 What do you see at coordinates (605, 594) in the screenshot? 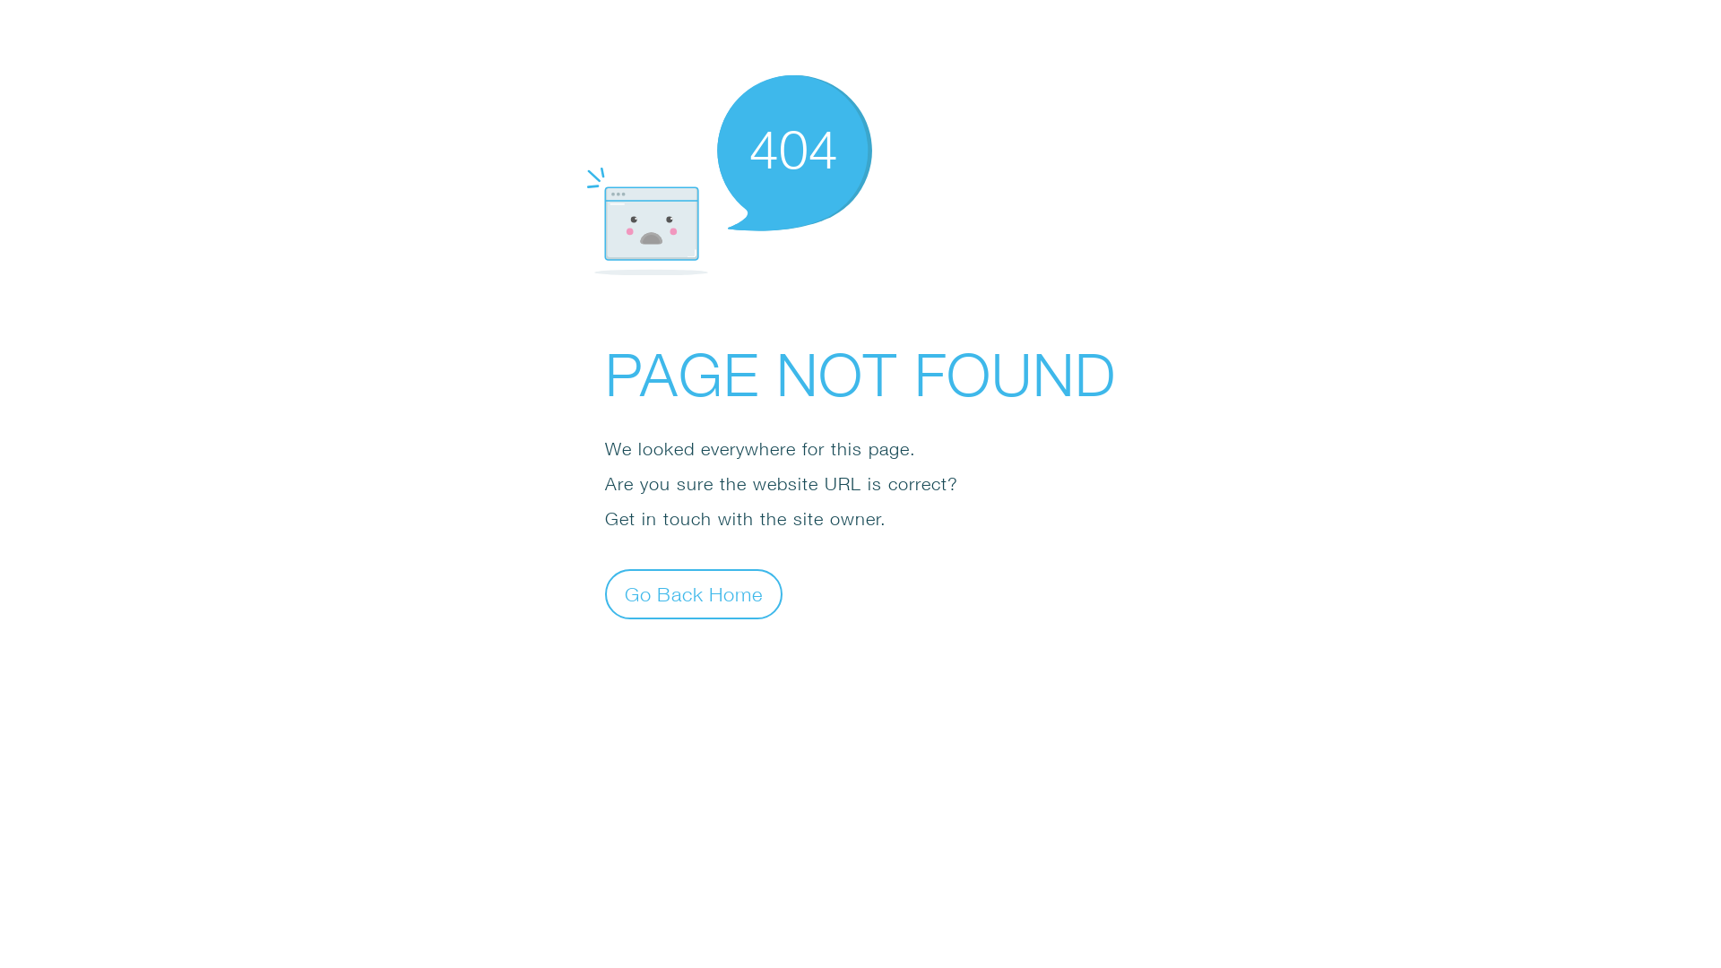
I see `'Go Back Home'` at bounding box center [605, 594].